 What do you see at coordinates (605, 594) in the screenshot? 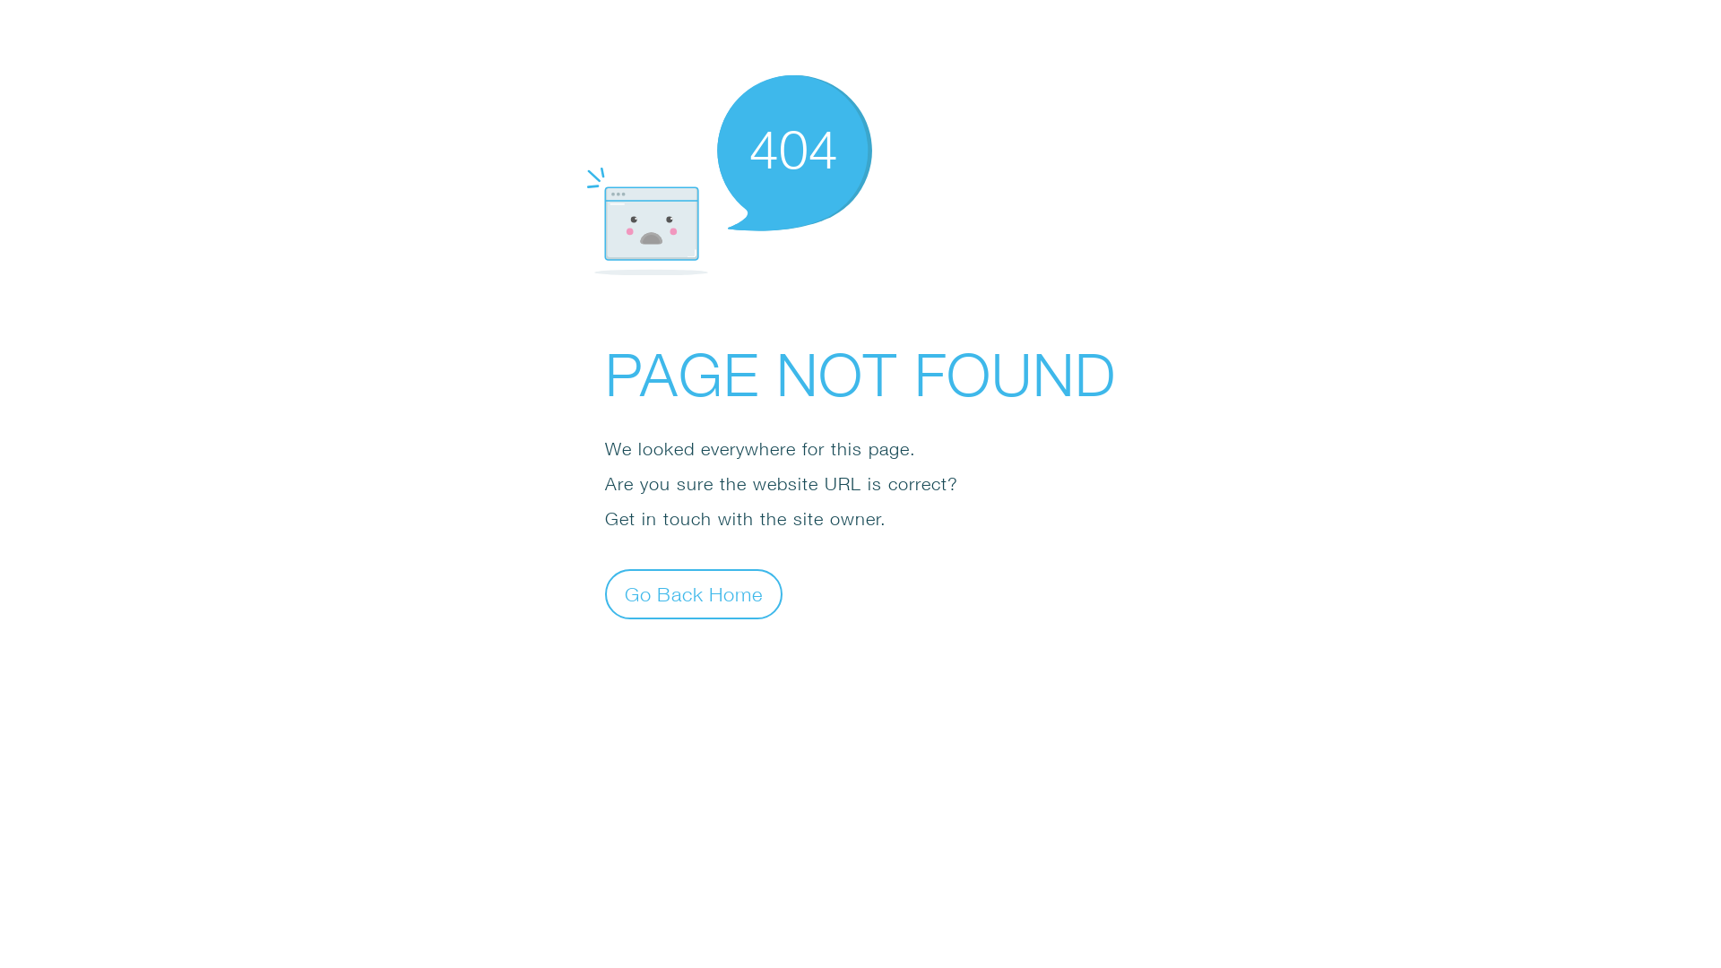
I see `'Go Back Home'` at bounding box center [605, 594].